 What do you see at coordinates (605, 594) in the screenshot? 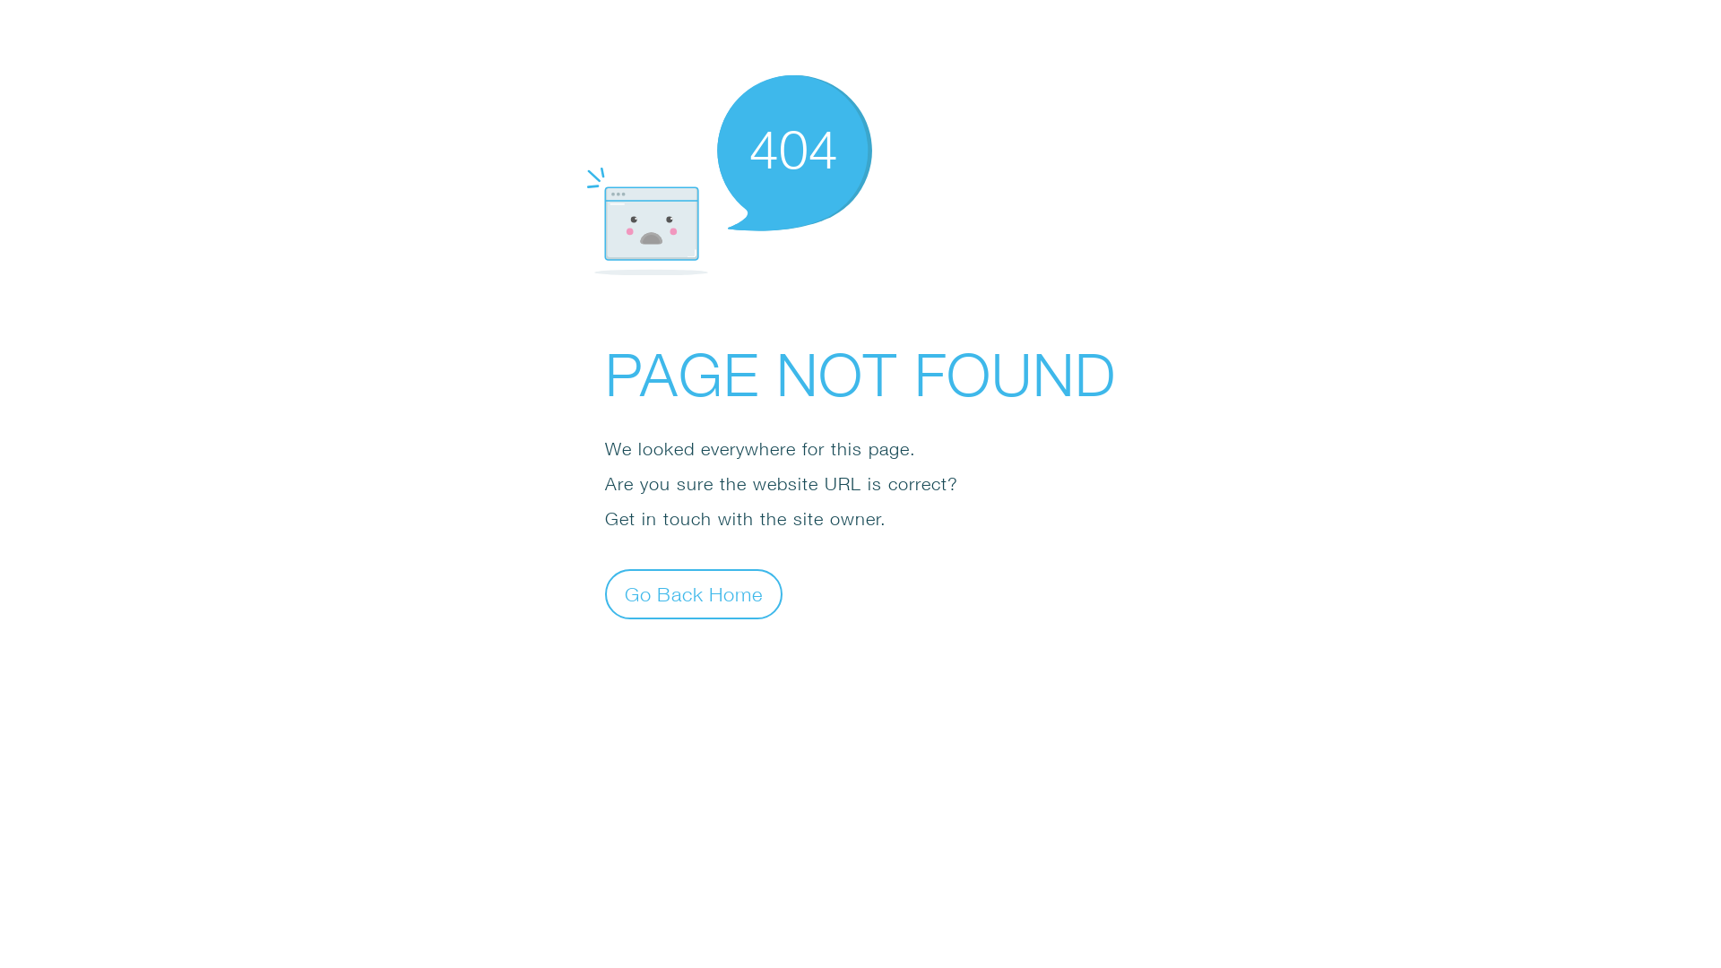
I see `'Go Back Home'` at bounding box center [605, 594].